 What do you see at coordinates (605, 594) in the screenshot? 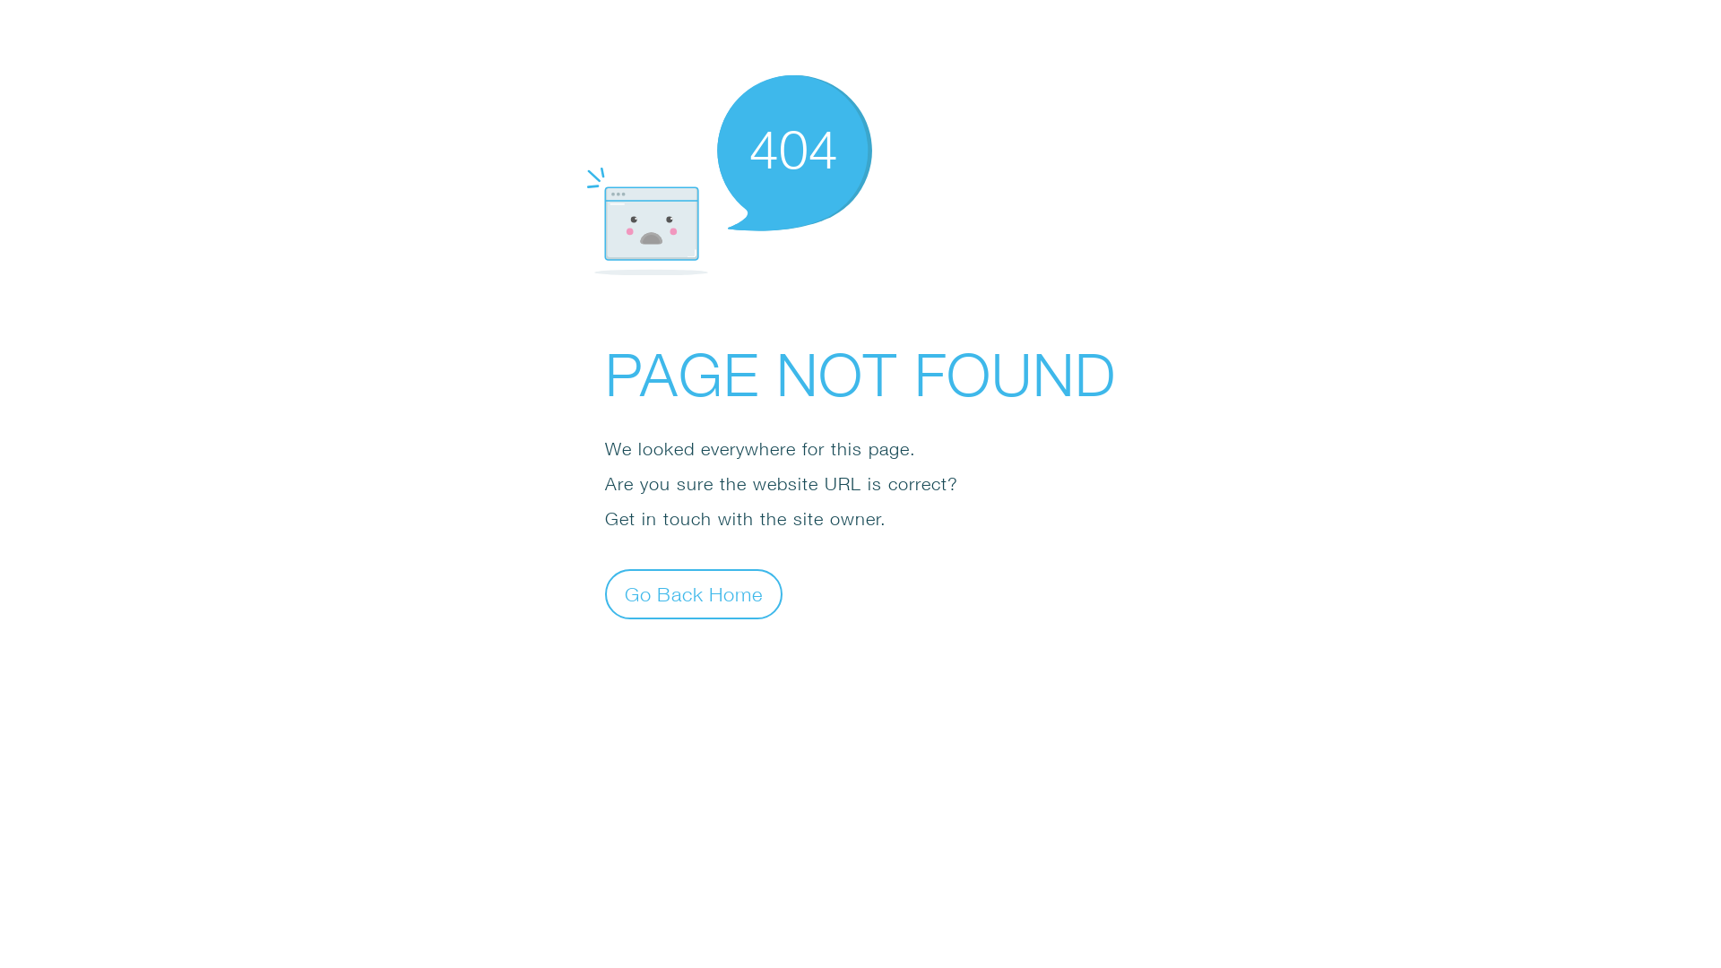
I see `'Go Back Home'` at bounding box center [605, 594].